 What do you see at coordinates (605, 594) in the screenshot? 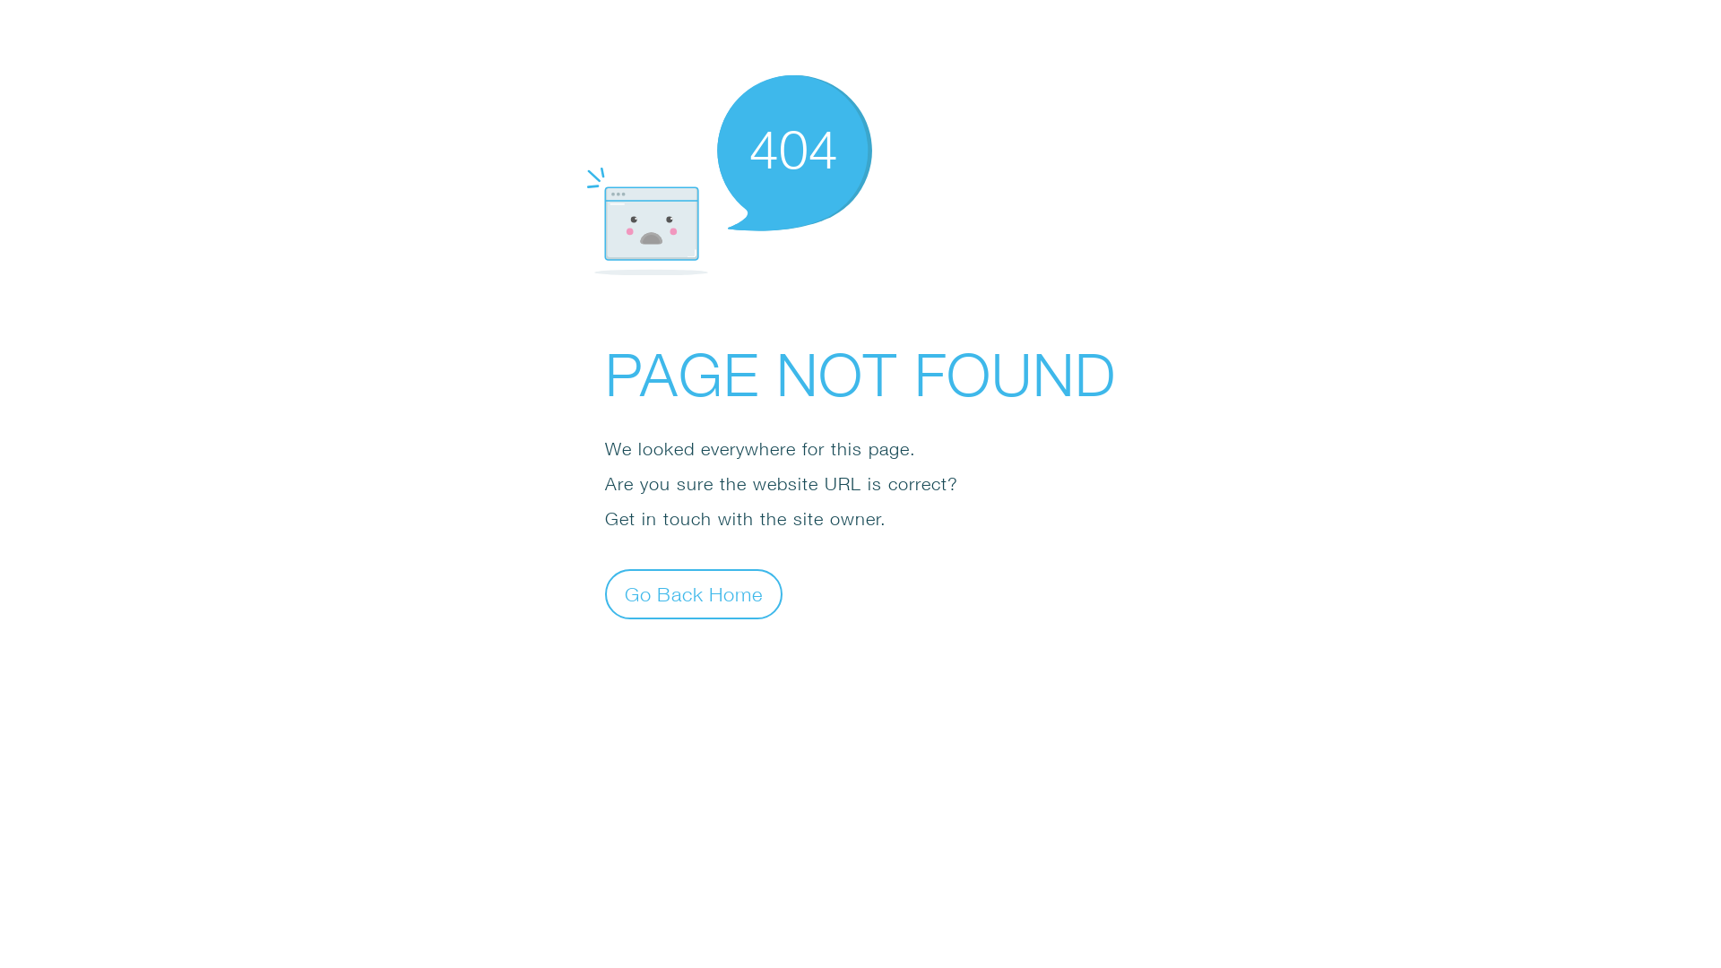
I see `'Go Back Home'` at bounding box center [605, 594].